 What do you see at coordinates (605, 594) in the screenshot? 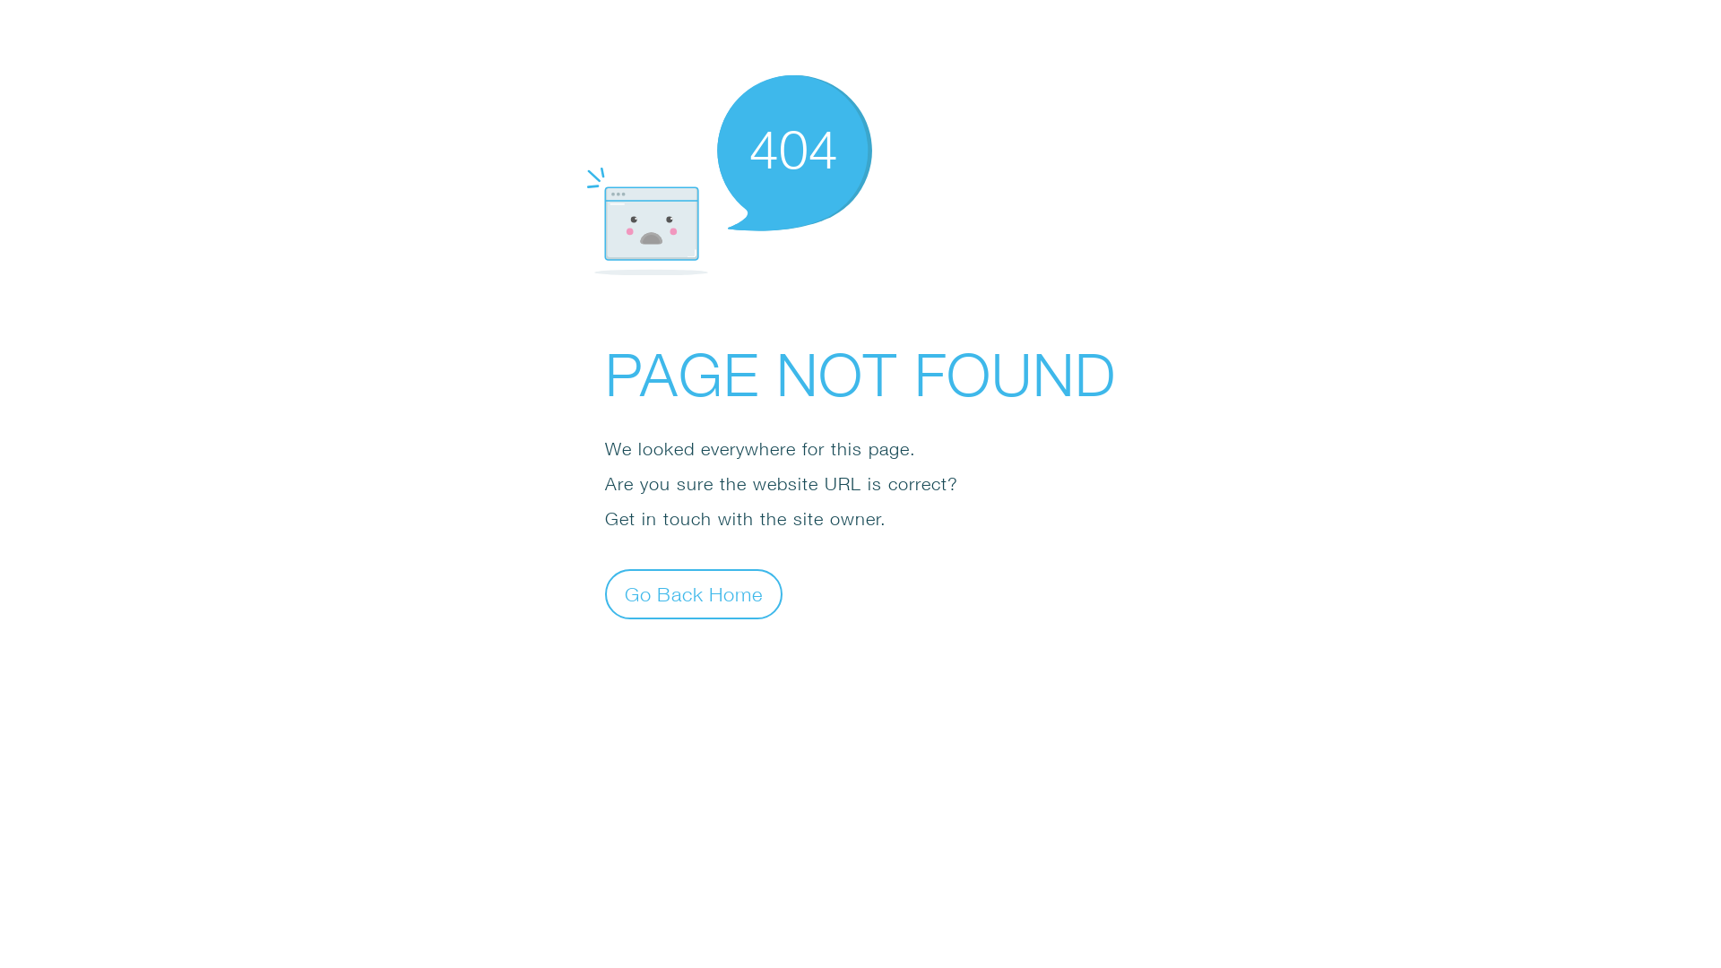
I see `'Go Back Home'` at bounding box center [605, 594].